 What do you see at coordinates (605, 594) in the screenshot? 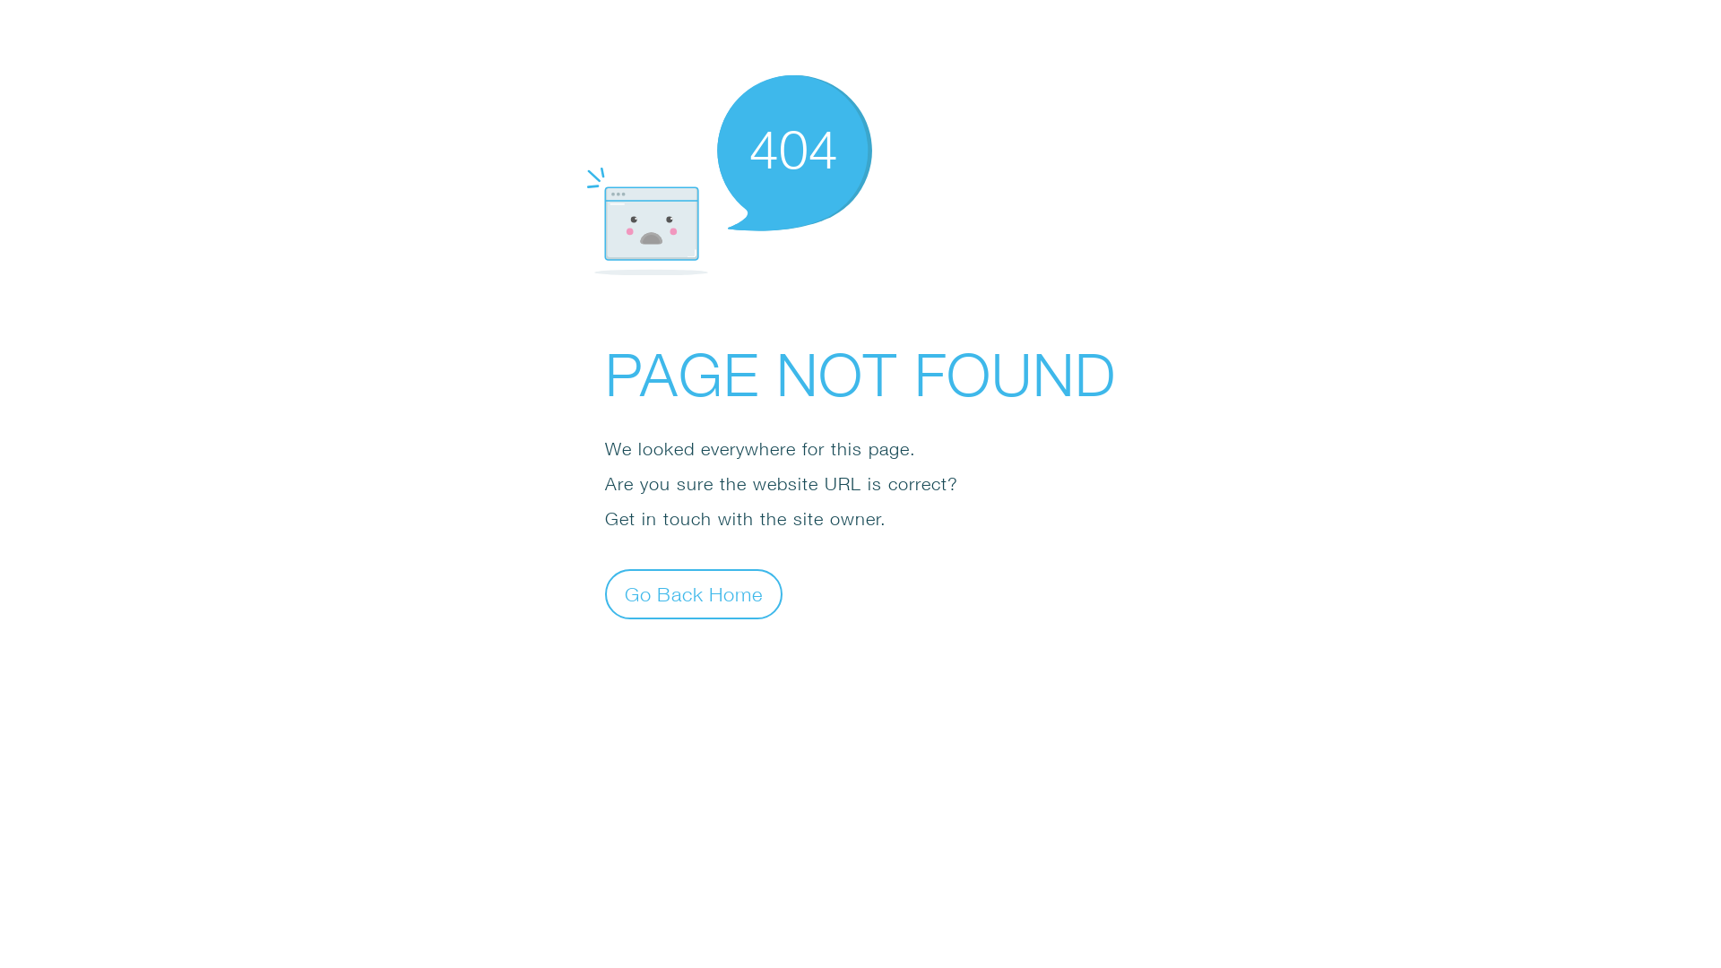
I see `'Go Back Home'` at bounding box center [605, 594].